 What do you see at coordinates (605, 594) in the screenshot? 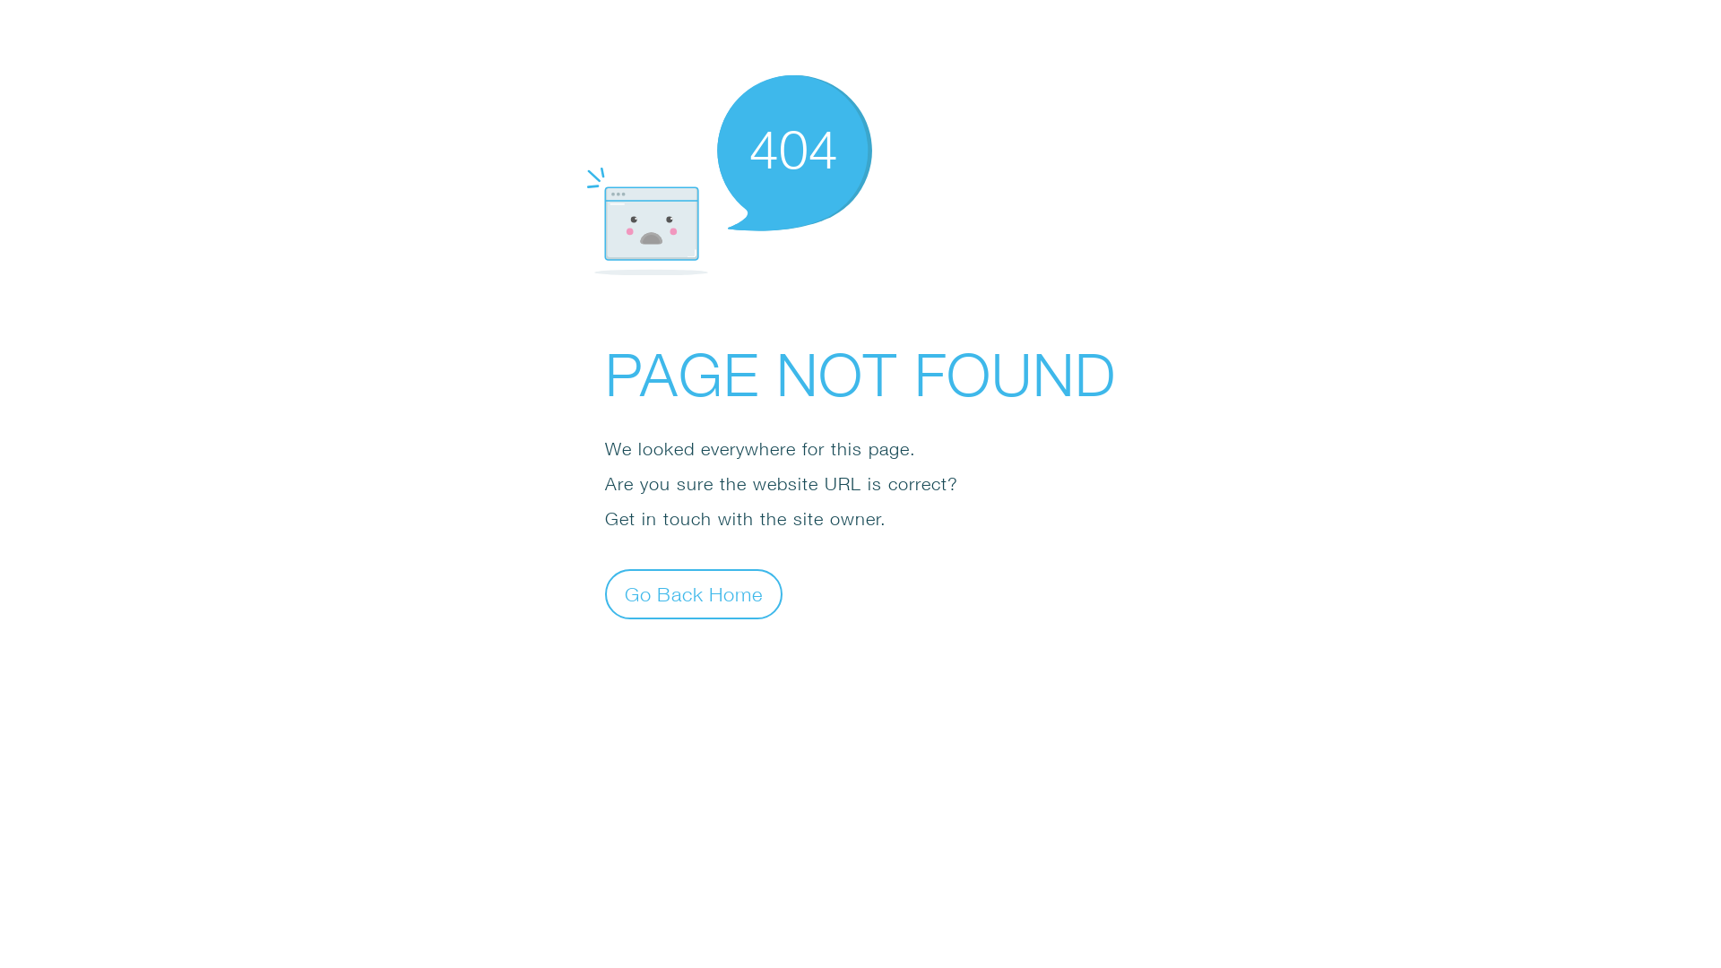
I see `'Go Back Home'` at bounding box center [605, 594].